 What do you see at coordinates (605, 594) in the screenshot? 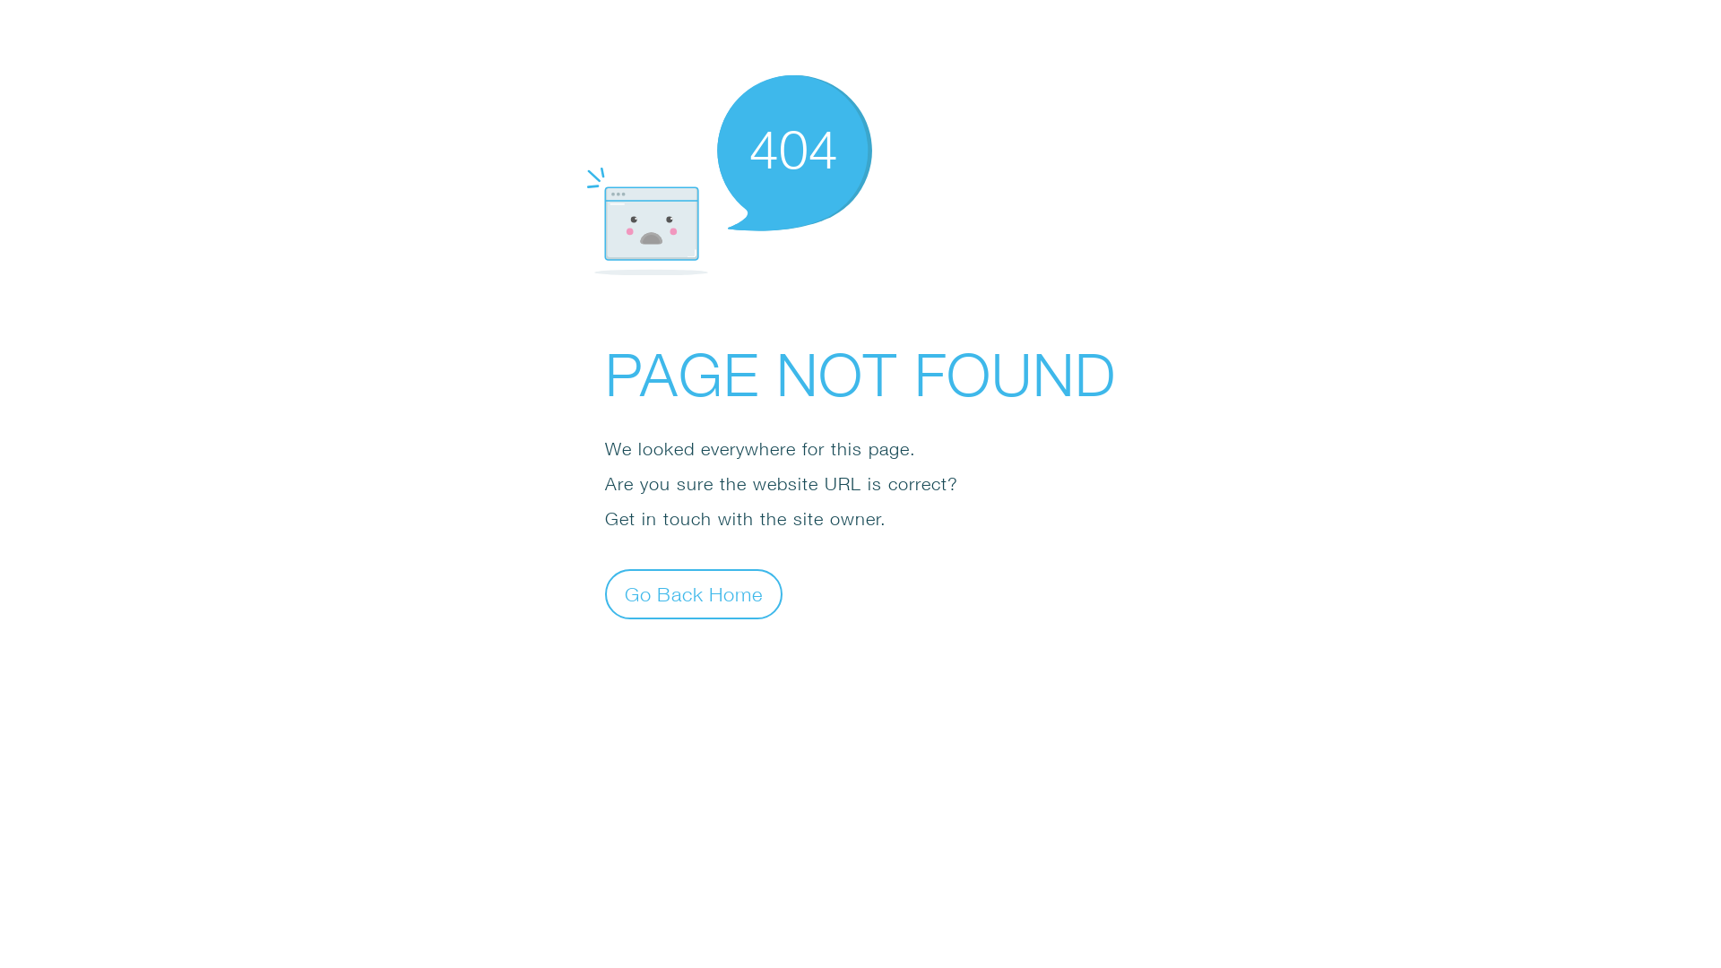
I see `'Go Back Home'` at bounding box center [605, 594].